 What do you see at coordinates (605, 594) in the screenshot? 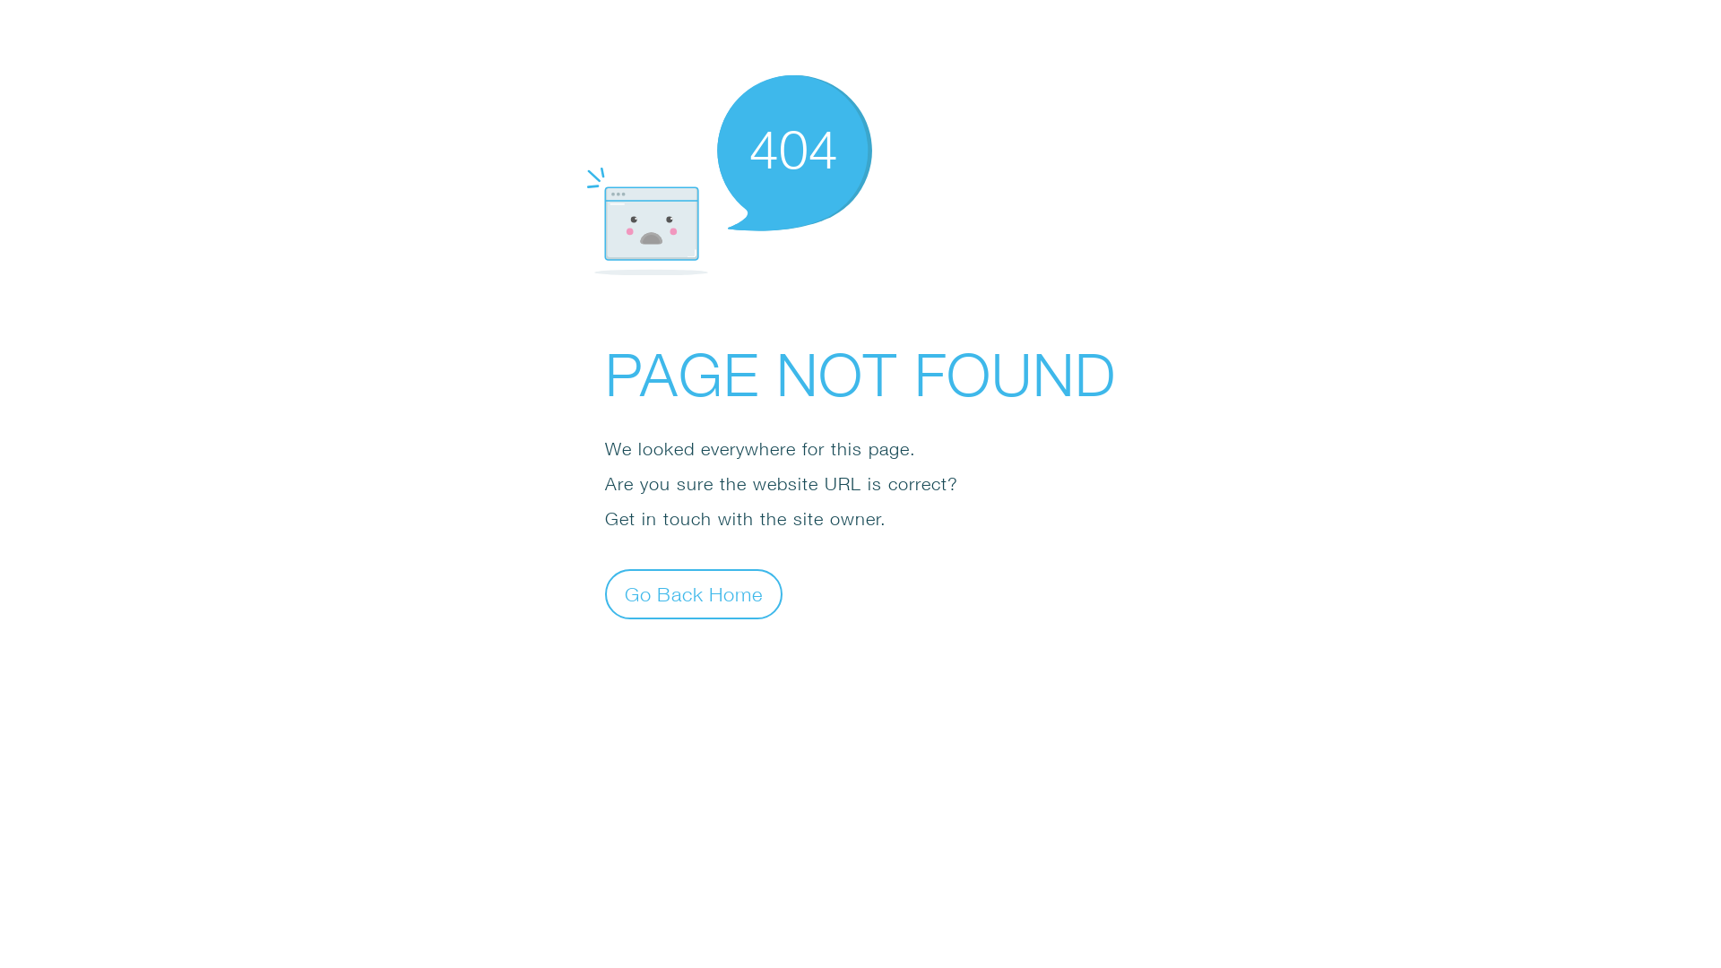
I see `'Go Back Home'` at bounding box center [605, 594].